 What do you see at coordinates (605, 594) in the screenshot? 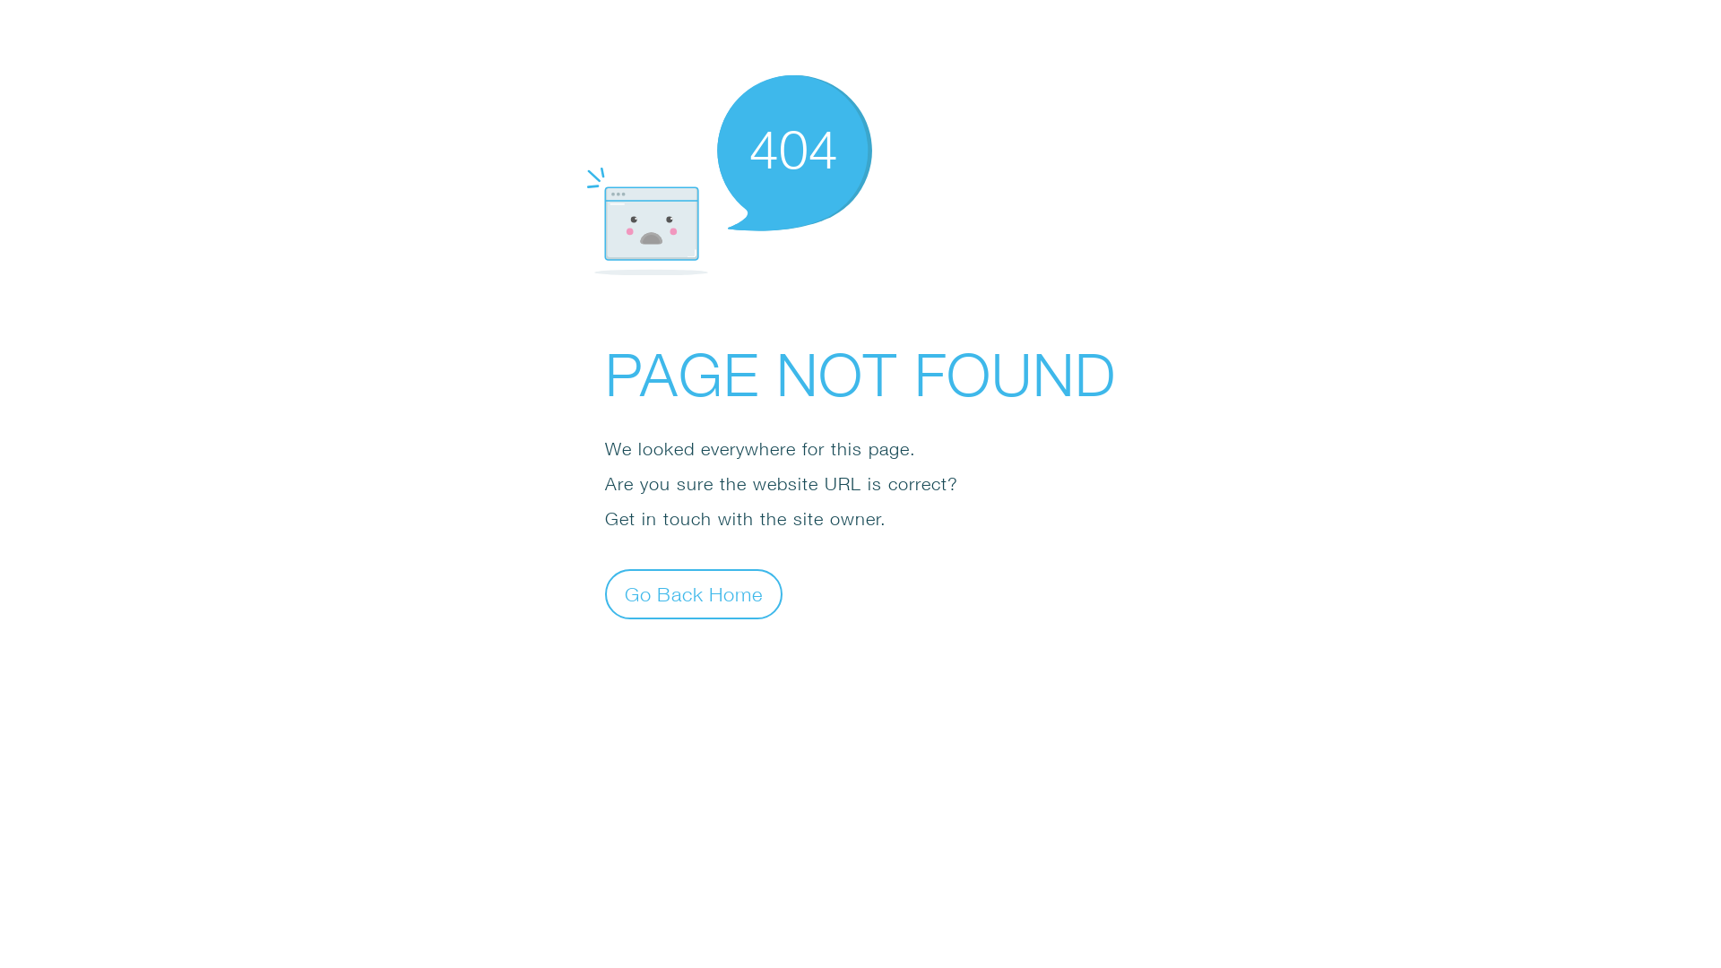
I see `'Go Back Home'` at bounding box center [605, 594].